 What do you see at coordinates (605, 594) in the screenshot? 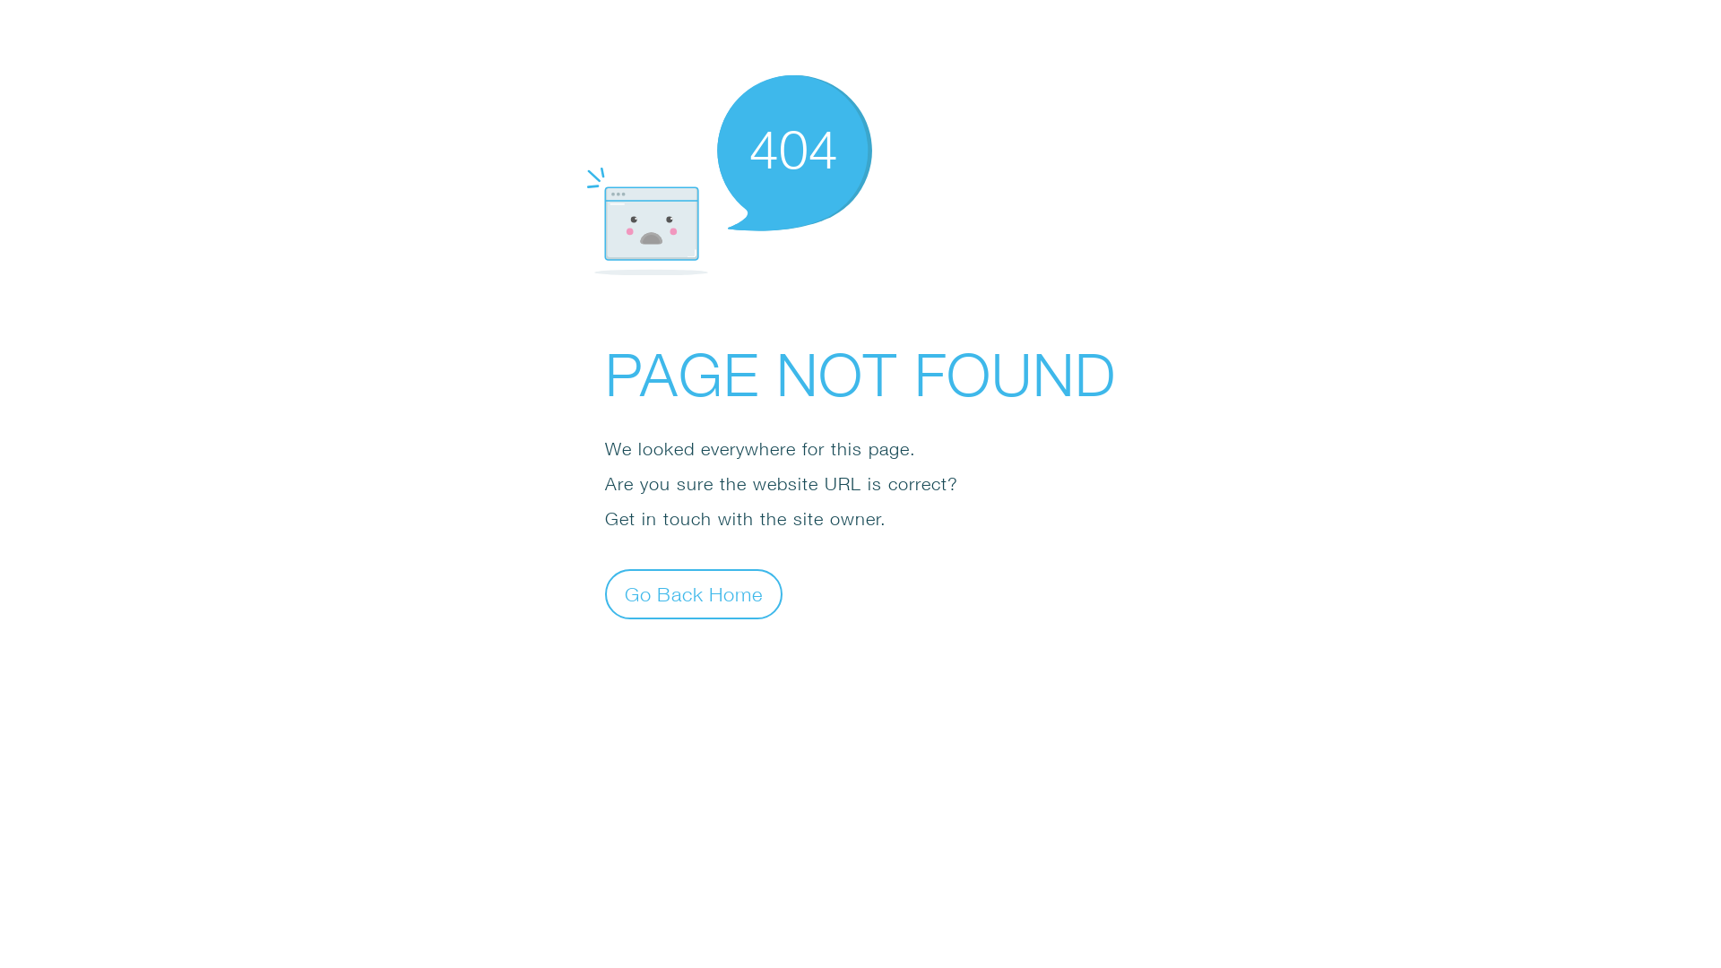
I see `'Go Back Home'` at bounding box center [605, 594].